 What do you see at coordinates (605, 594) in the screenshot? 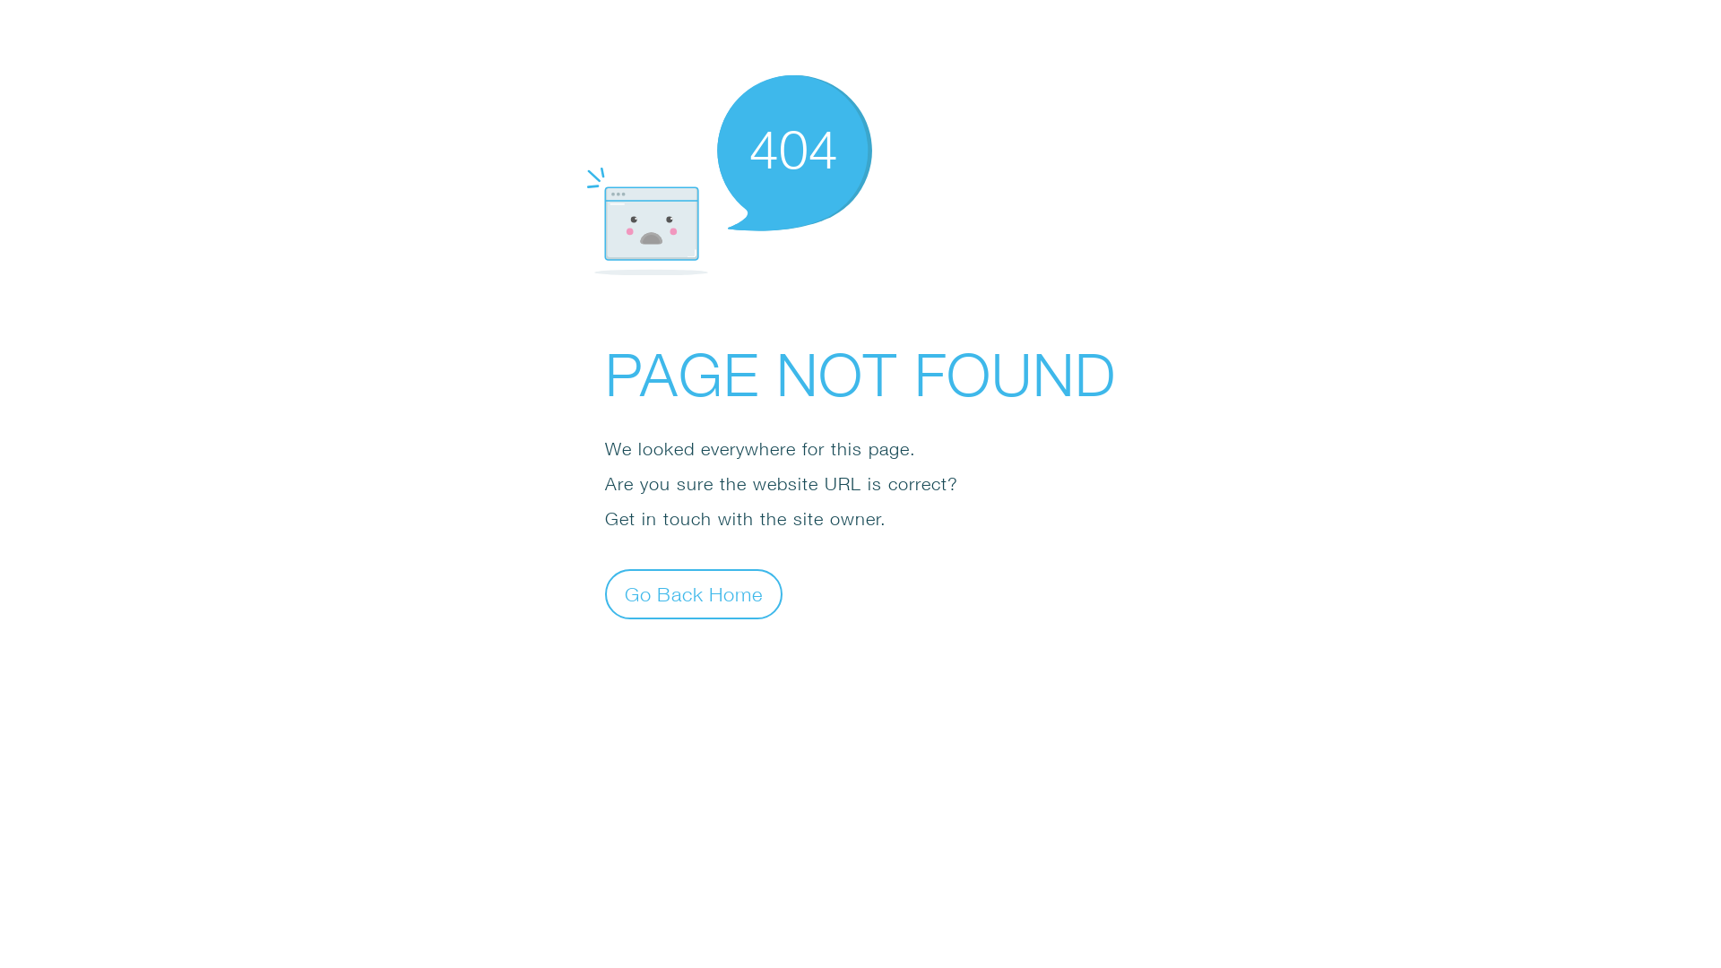
I see `'Go Back Home'` at bounding box center [605, 594].